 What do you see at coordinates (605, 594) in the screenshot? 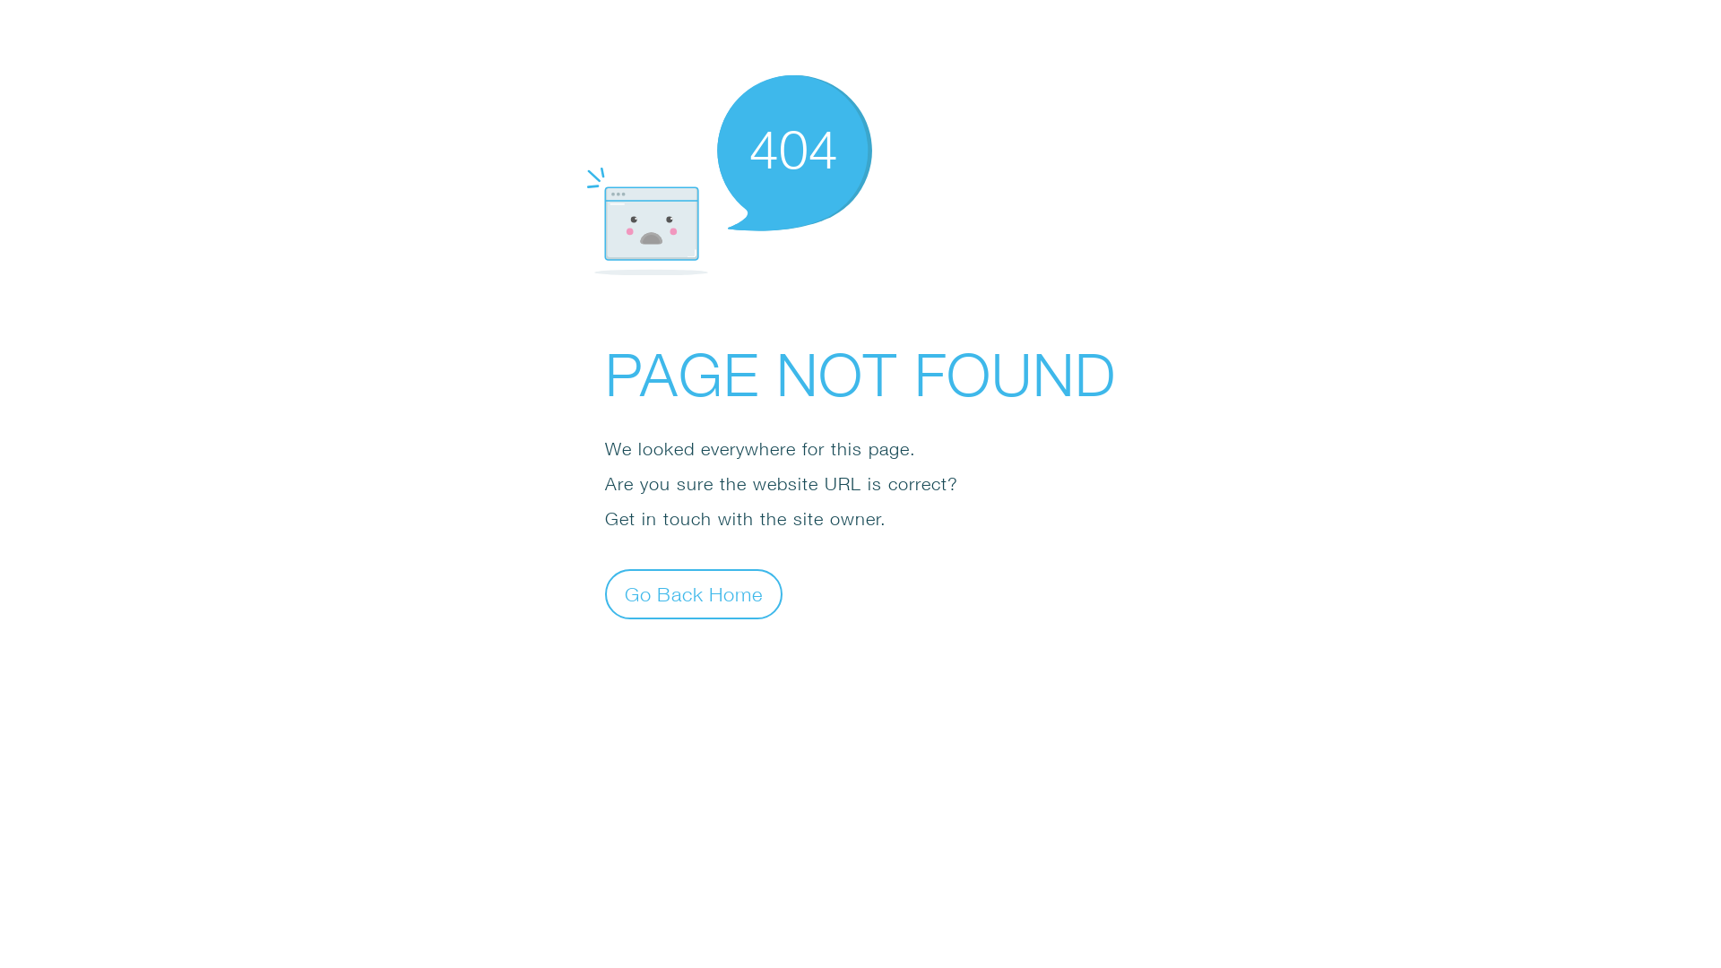
I see `'Go Back Home'` at bounding box center [605, 594].